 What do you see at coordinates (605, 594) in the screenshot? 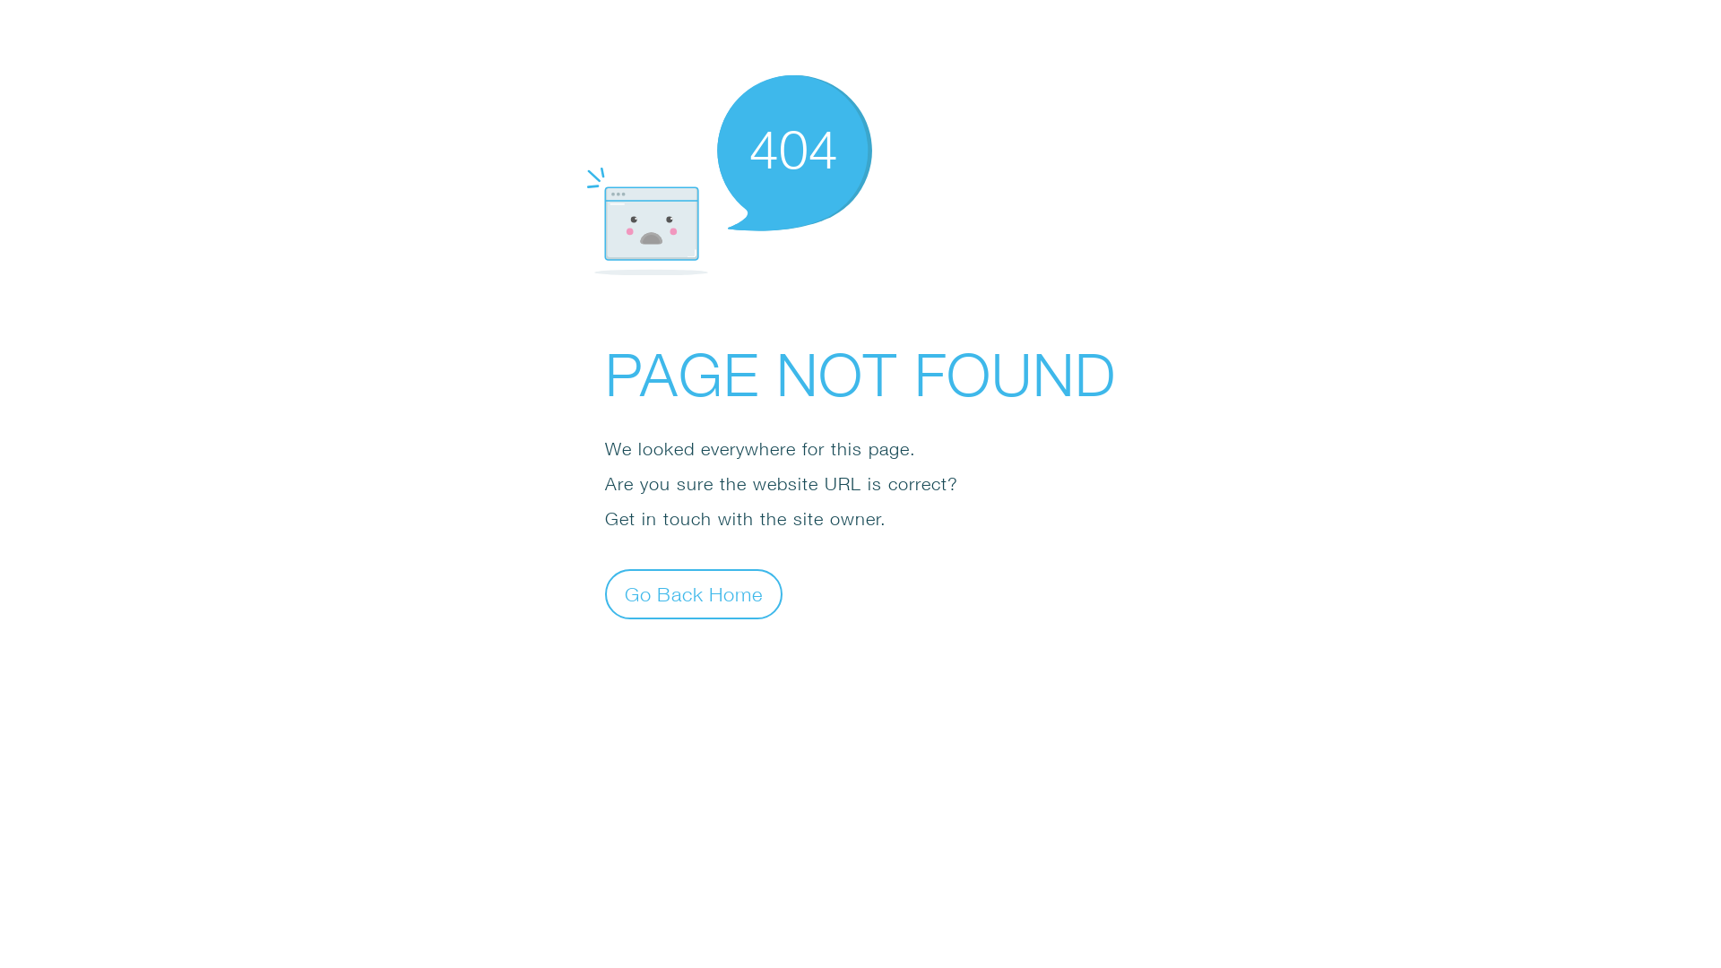
I see `'Go Back Home'` at bounding box center [605, 594].